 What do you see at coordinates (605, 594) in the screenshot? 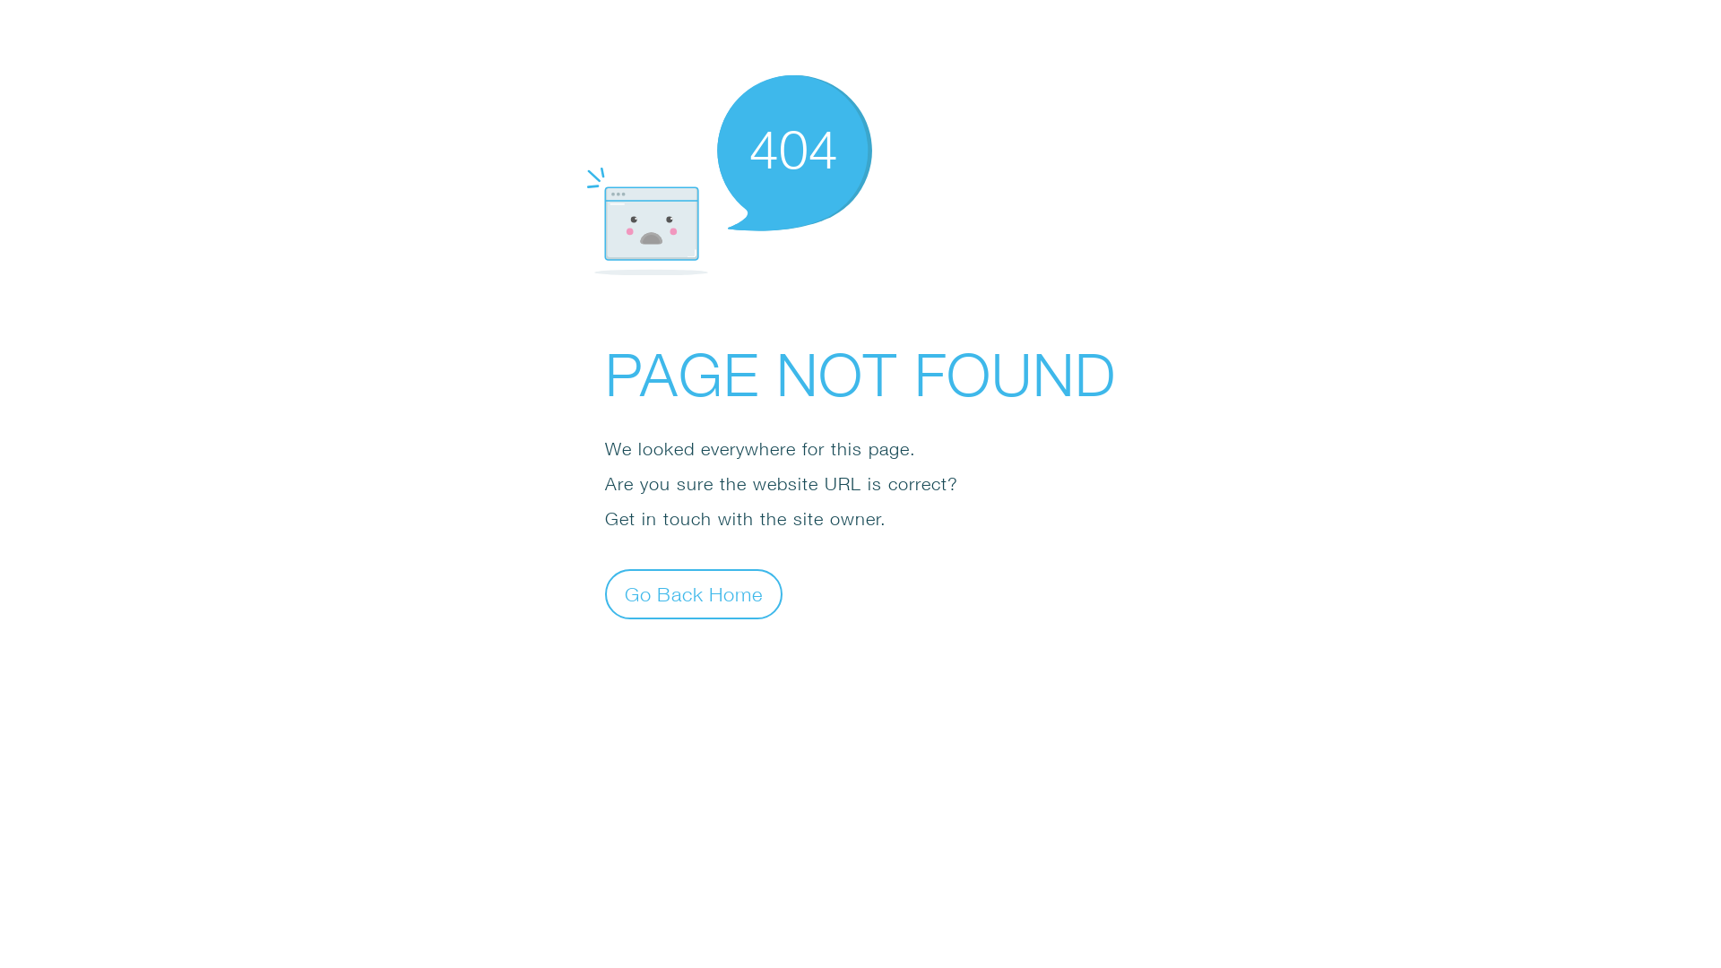
I see `'Go Back Home'` at bounding box center [605, 594].